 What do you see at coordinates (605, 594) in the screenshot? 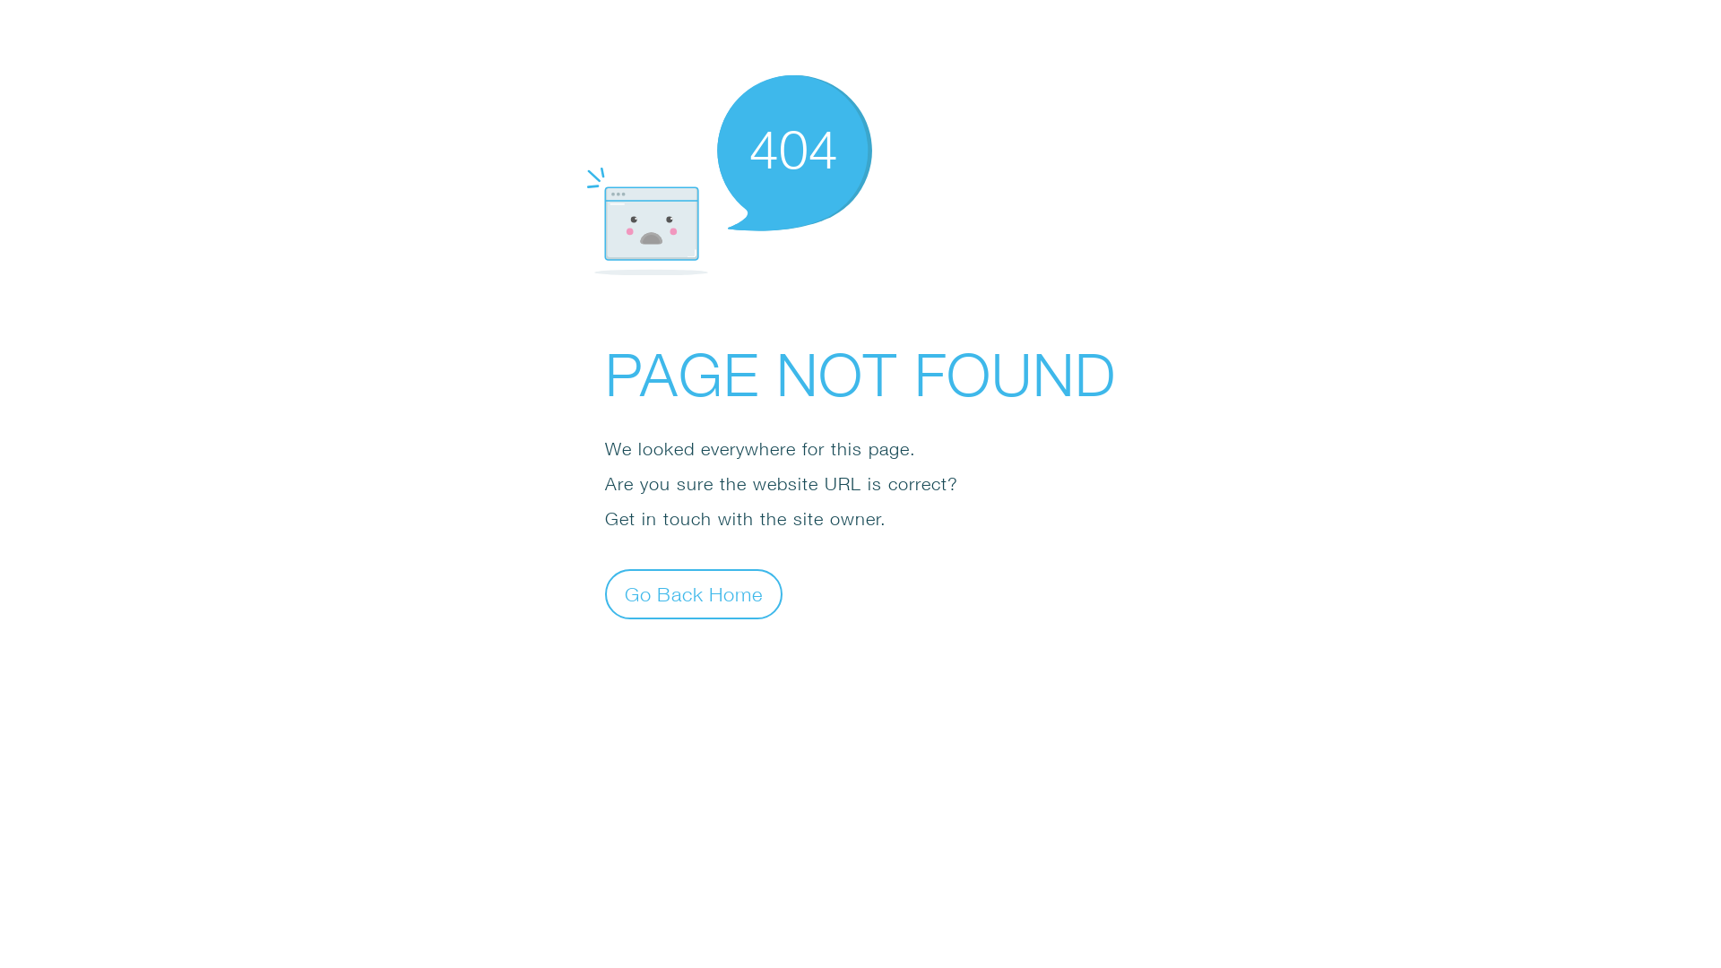
I see `'Go Back Home'` at bounding box center [605, 594].